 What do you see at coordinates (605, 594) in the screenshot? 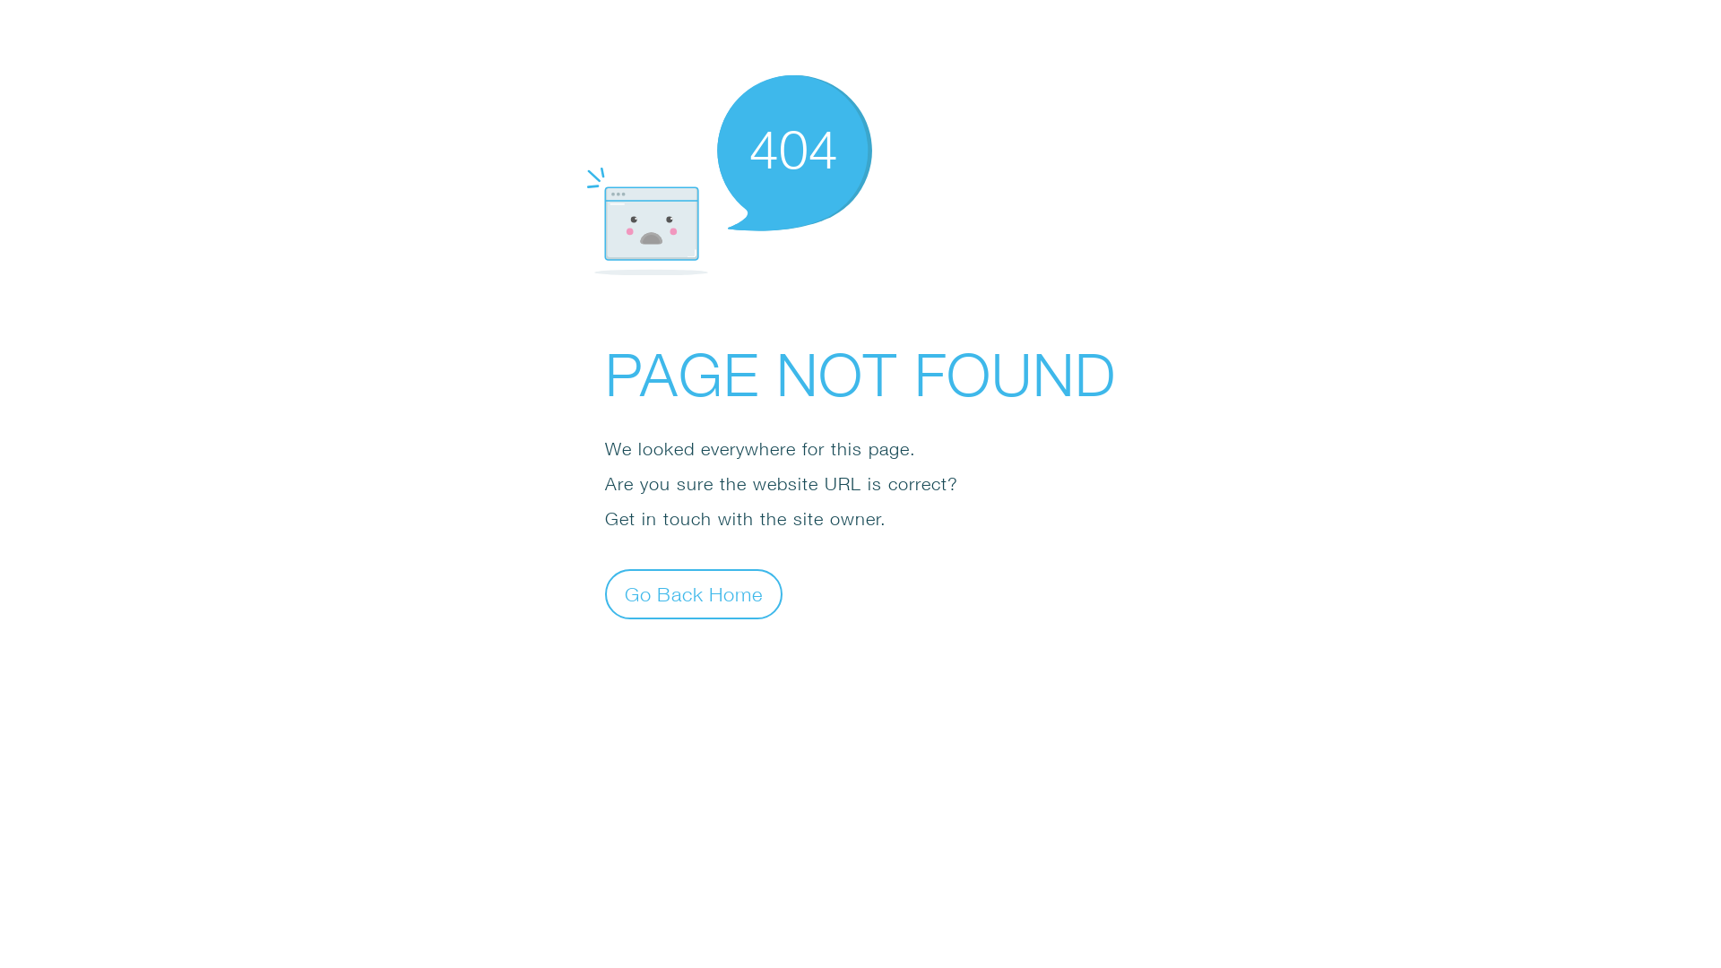
I see `'Go Back Home'` at bounding box center [605, 594].